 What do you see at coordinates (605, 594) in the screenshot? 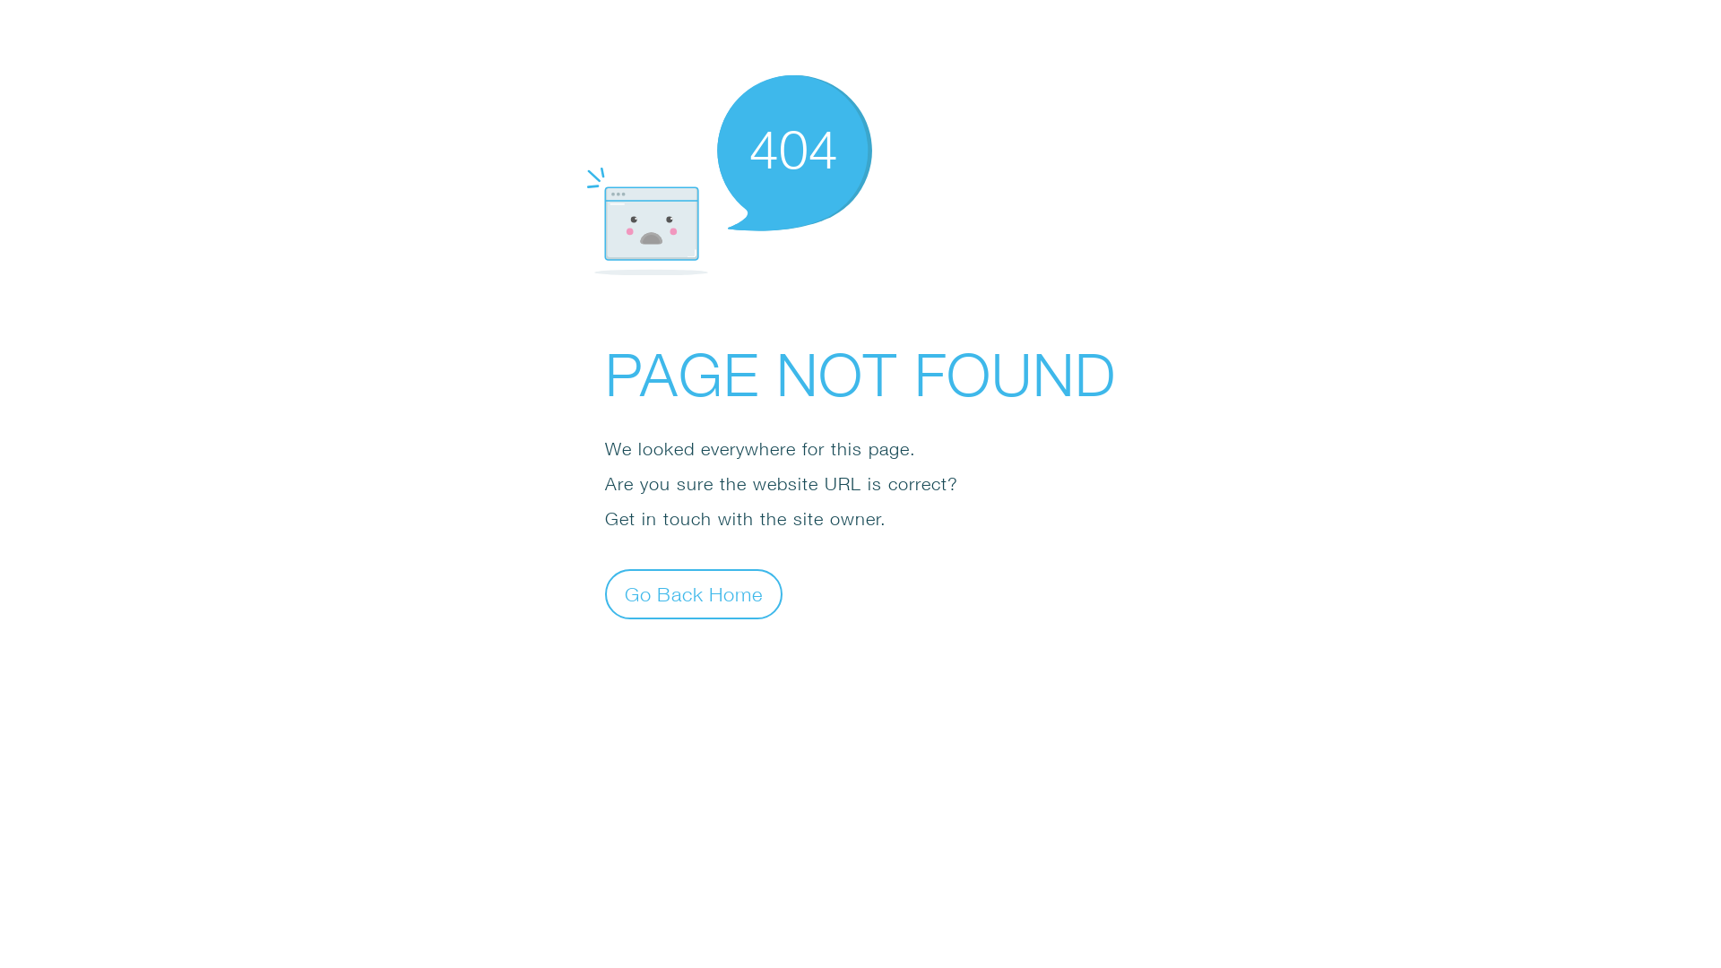
I see `'Go Back Home'` at bounding box center [605, 594].